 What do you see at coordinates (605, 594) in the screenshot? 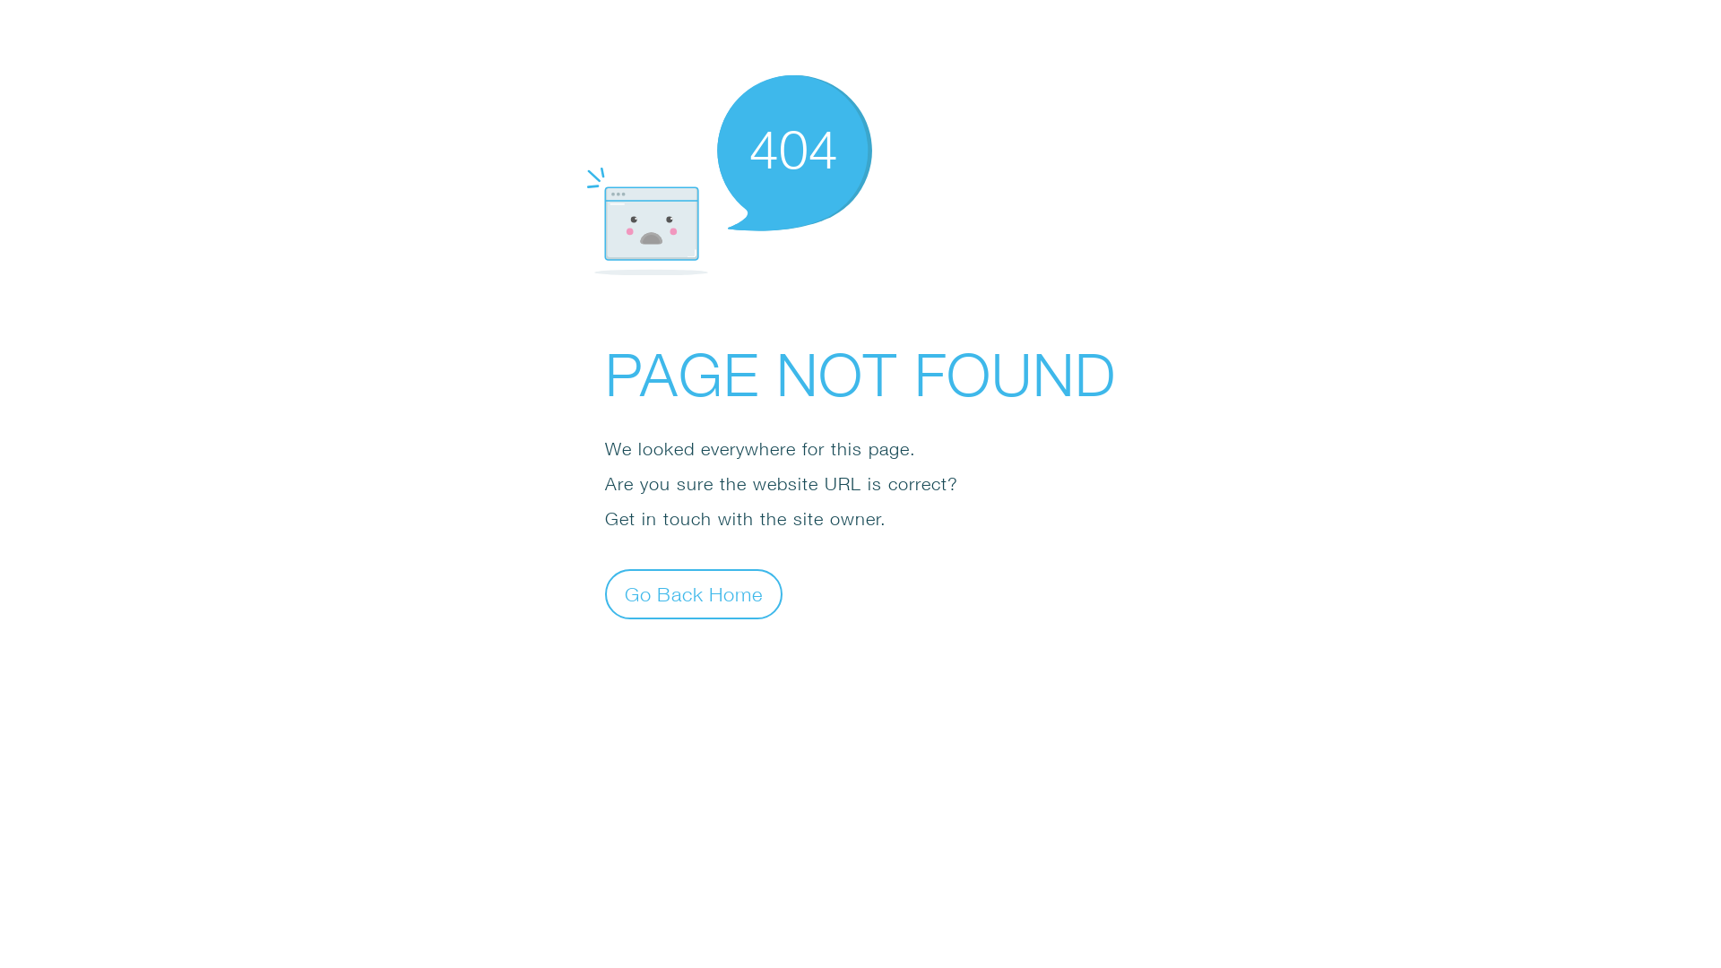
I see `'Go Back Home'` at bounding box center [605, 594].